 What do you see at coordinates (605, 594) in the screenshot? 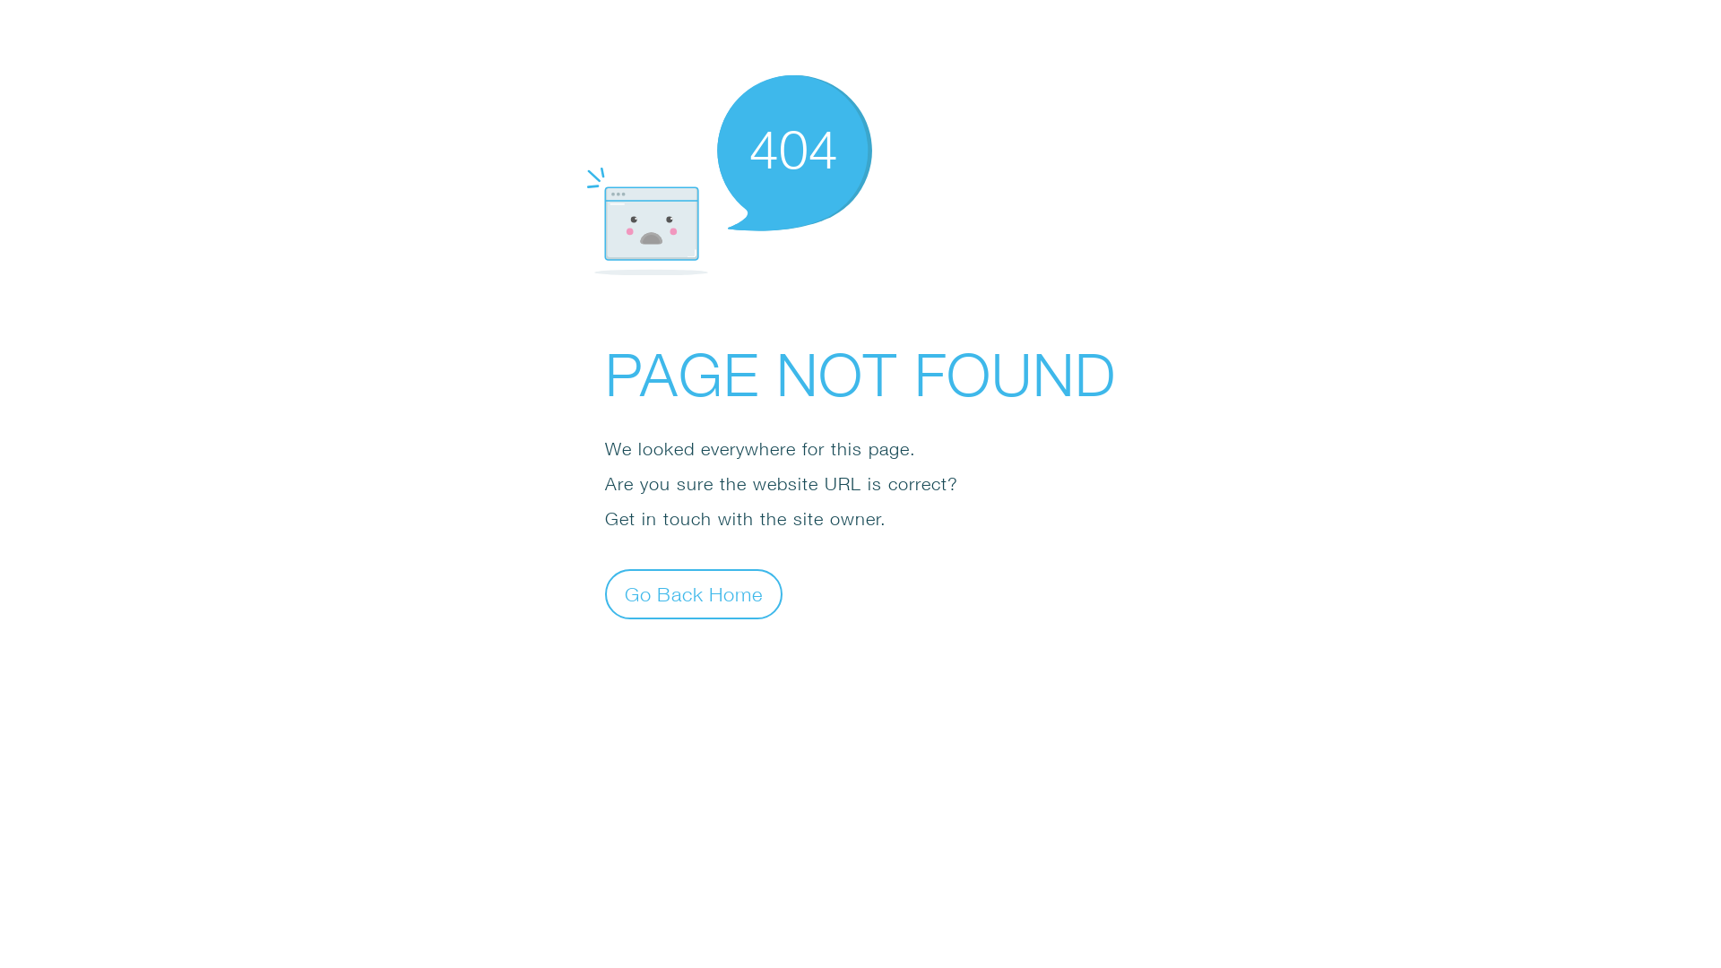
I see `'Go Back Home'` at bounding box center [605, 594].